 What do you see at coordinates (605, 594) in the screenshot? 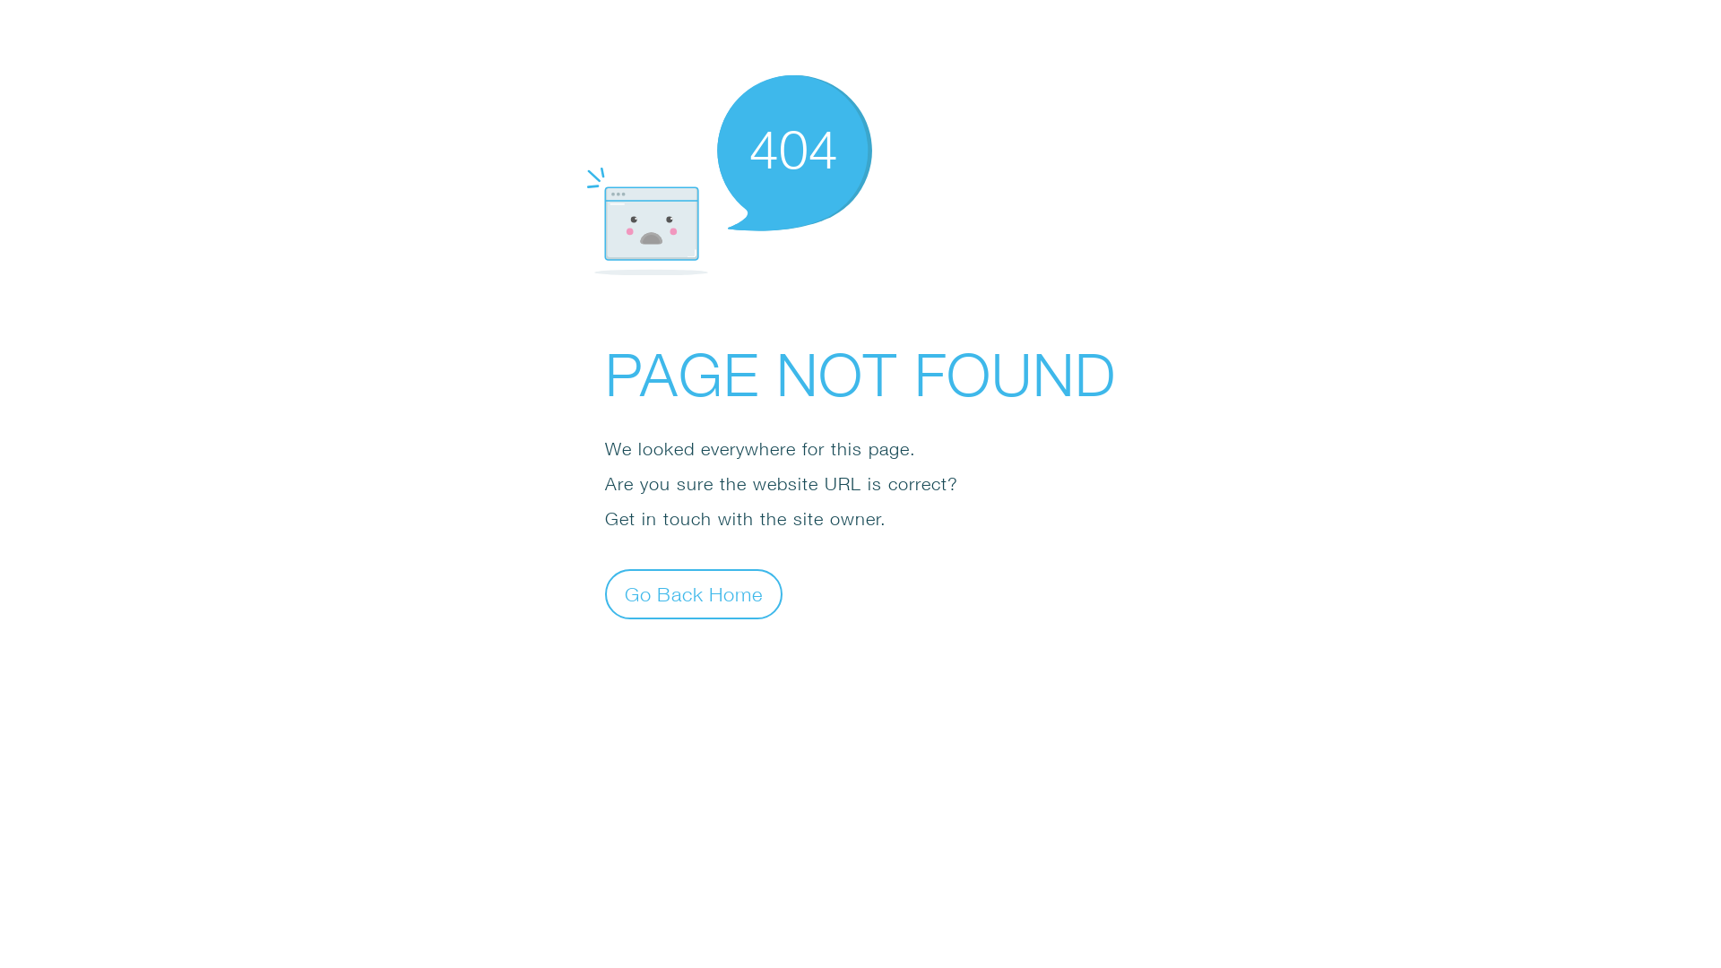
I see `'Go Back Home'` at bounding box center [605, 594].